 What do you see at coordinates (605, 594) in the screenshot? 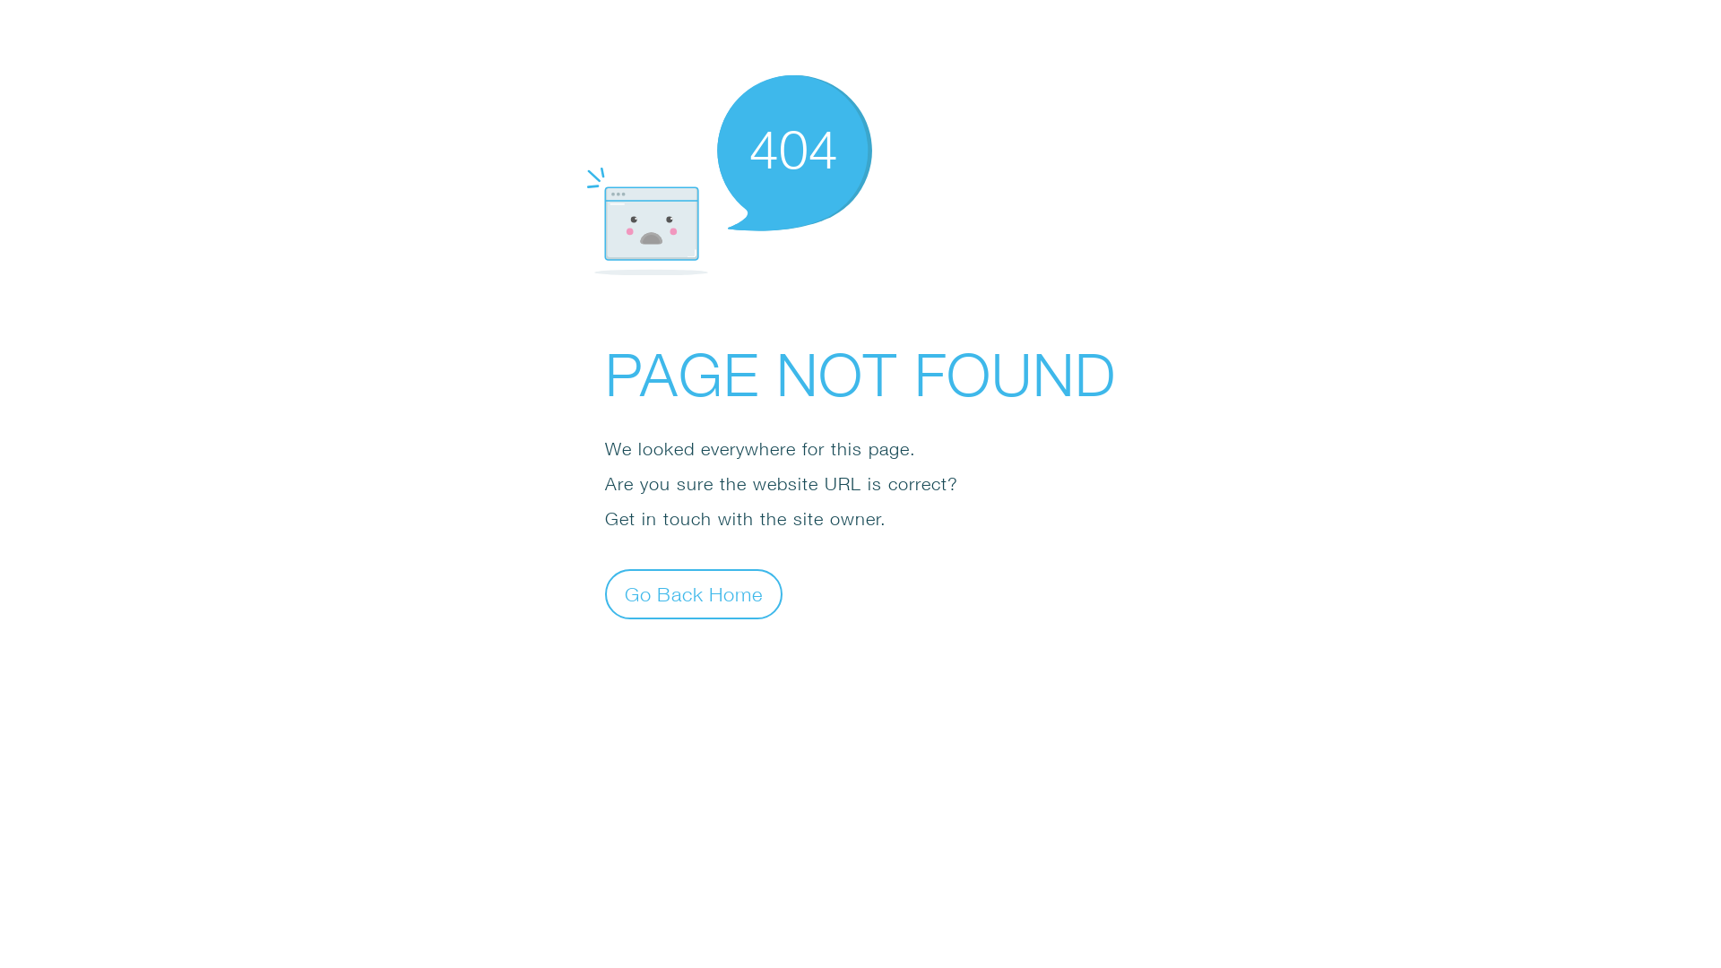
I see `'Go Back Home'` at bounding box center [605, 594].